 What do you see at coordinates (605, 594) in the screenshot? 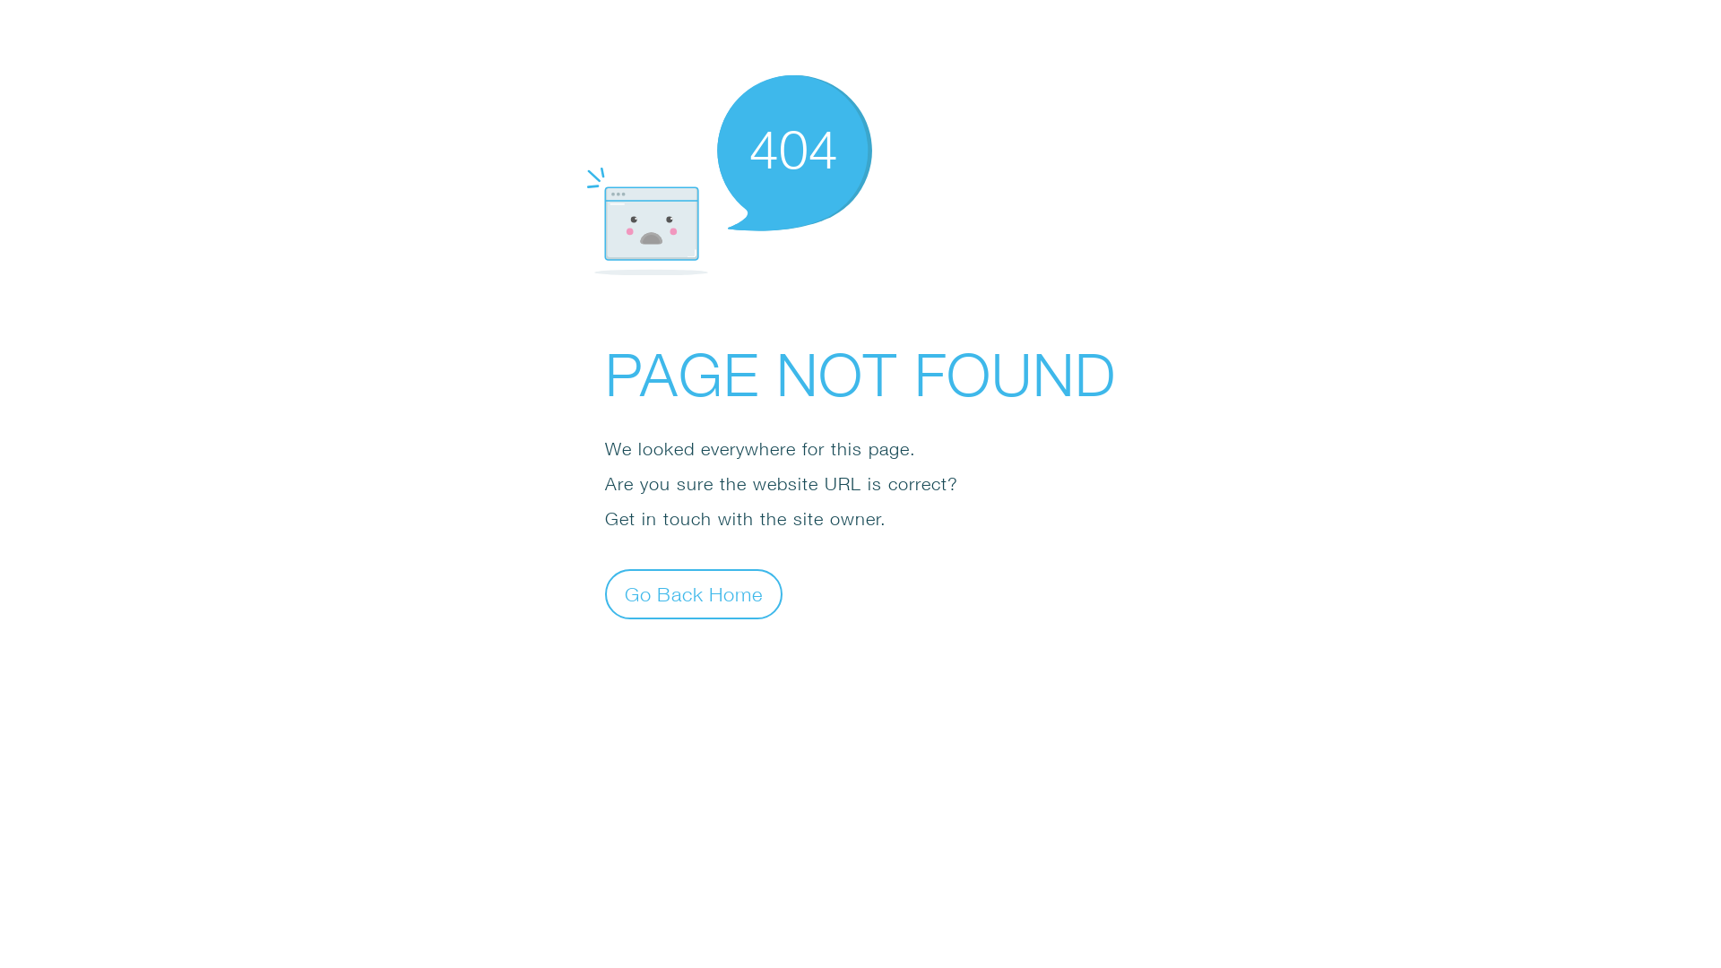
I see `'Go Back Home'` at bounding box center [605, 594].